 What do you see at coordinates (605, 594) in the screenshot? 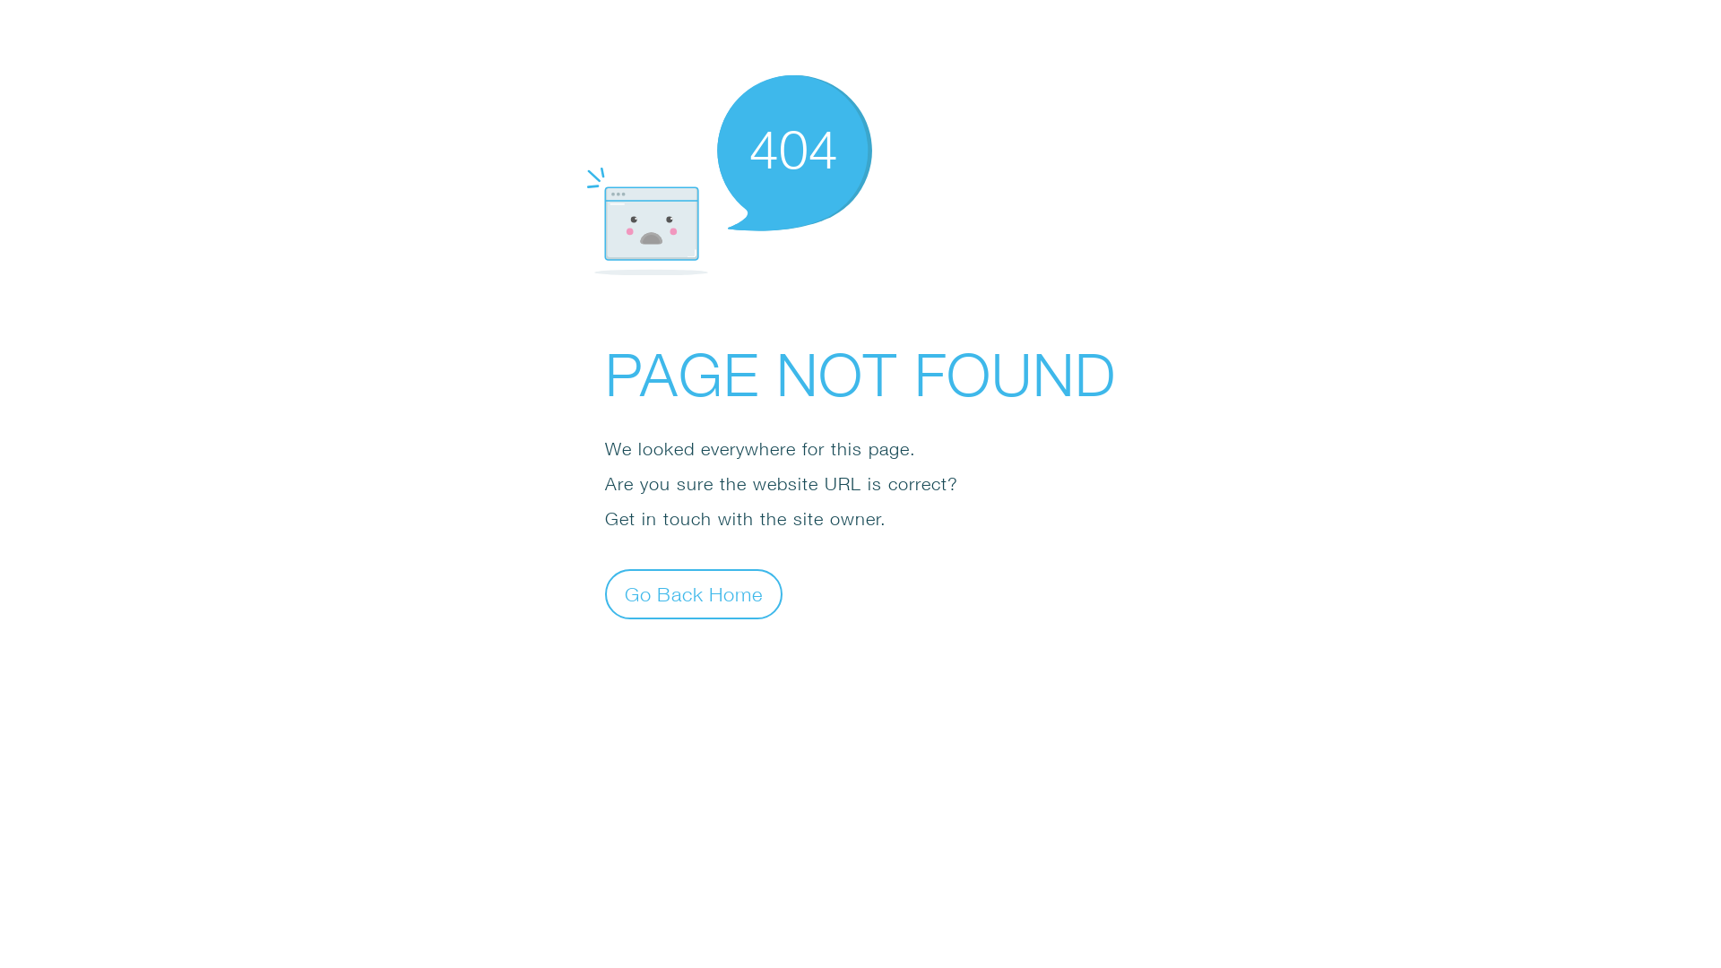
I see `'Go Back Home'` at bounding box center [605, 594].